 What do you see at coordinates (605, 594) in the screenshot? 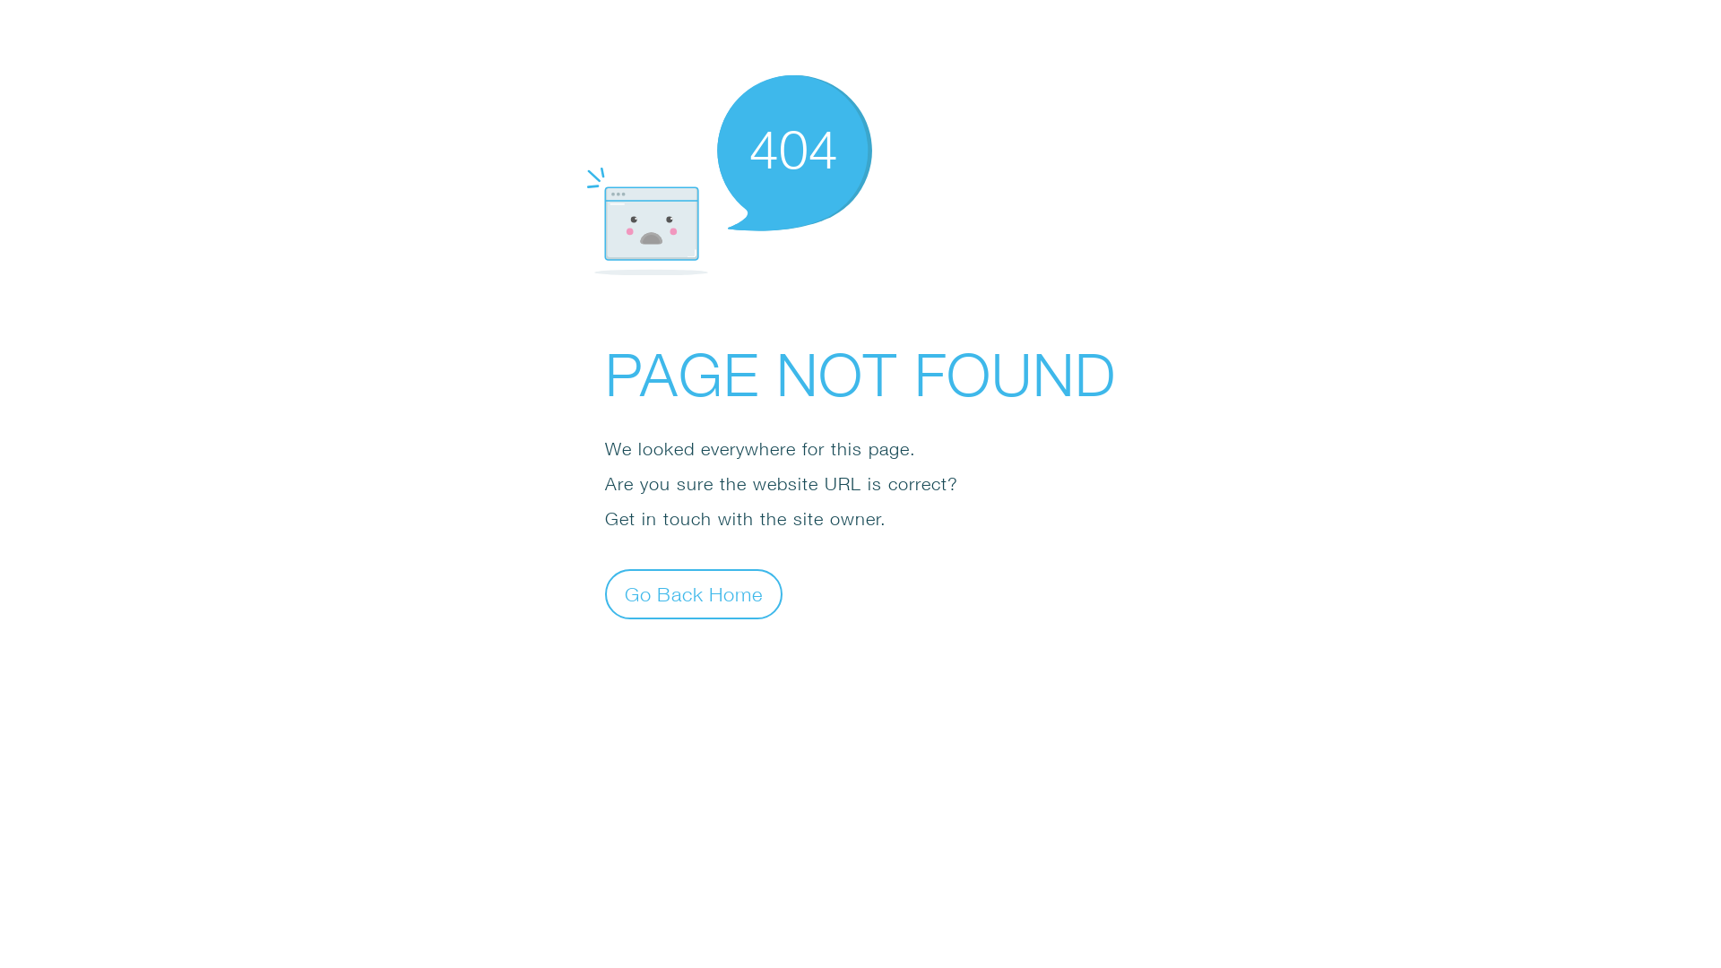
I see `'Go Back Home'` at bounding box center [605, 594].